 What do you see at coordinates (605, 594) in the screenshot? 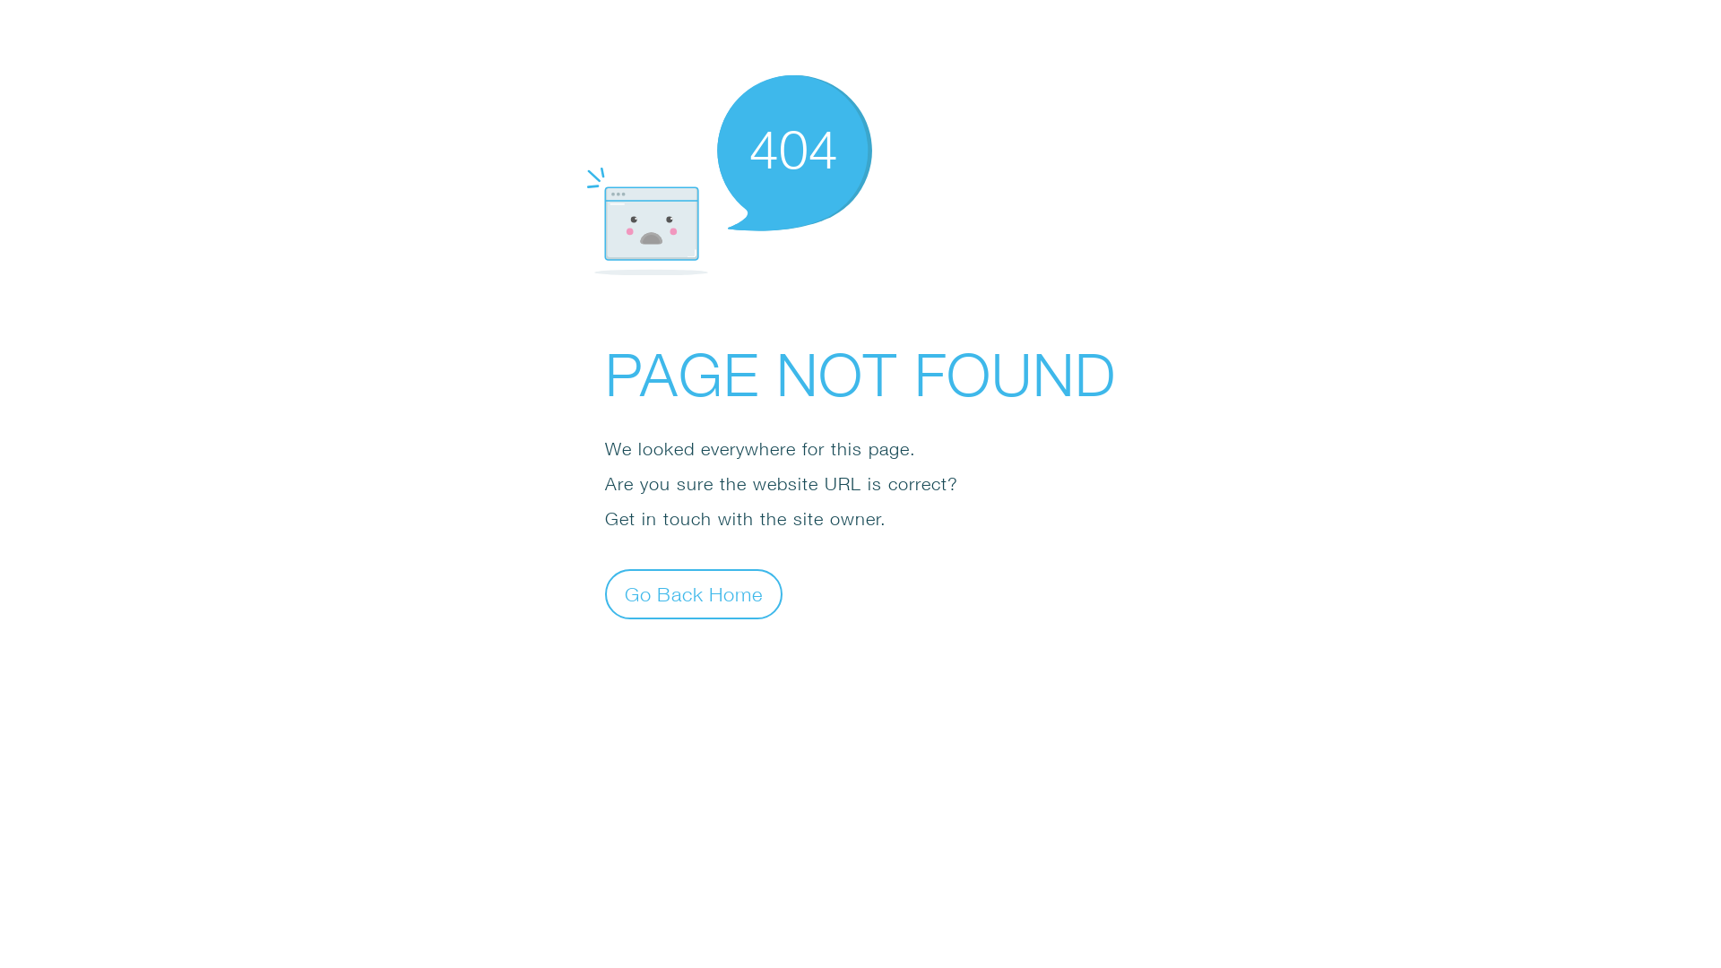
I see `'Go Back Home'` at bounding box center [605, 594].